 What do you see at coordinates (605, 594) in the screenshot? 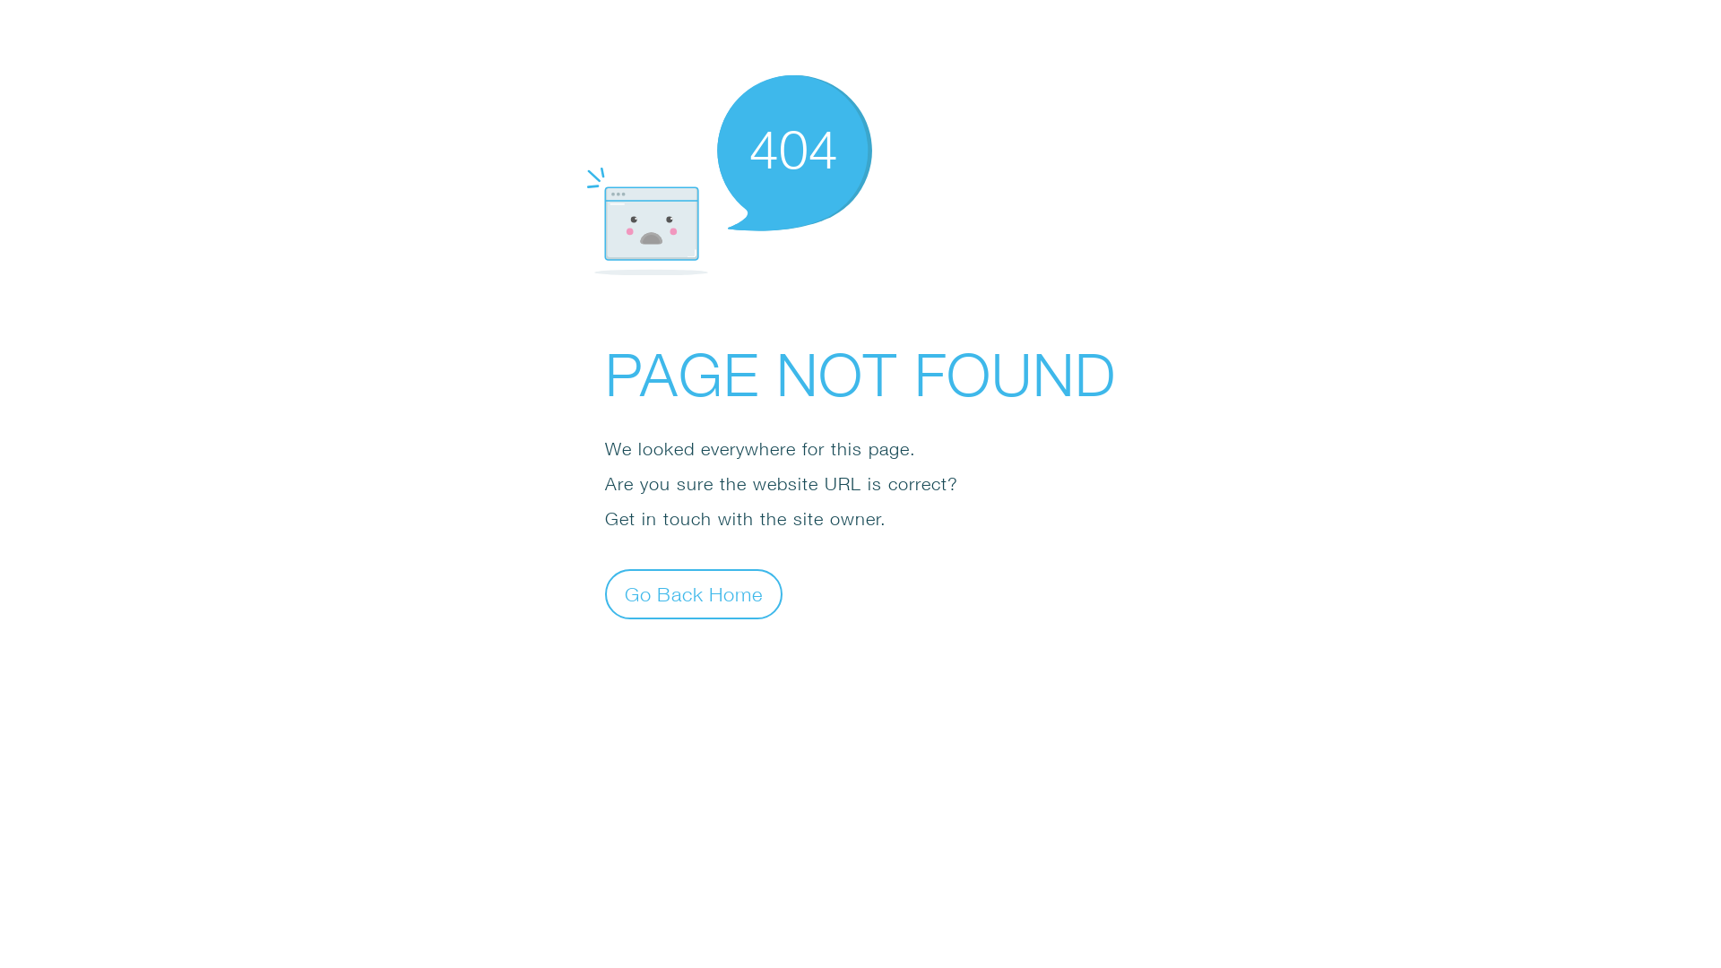
I see `'Go Back Home'` at bounding box center [605, 594].